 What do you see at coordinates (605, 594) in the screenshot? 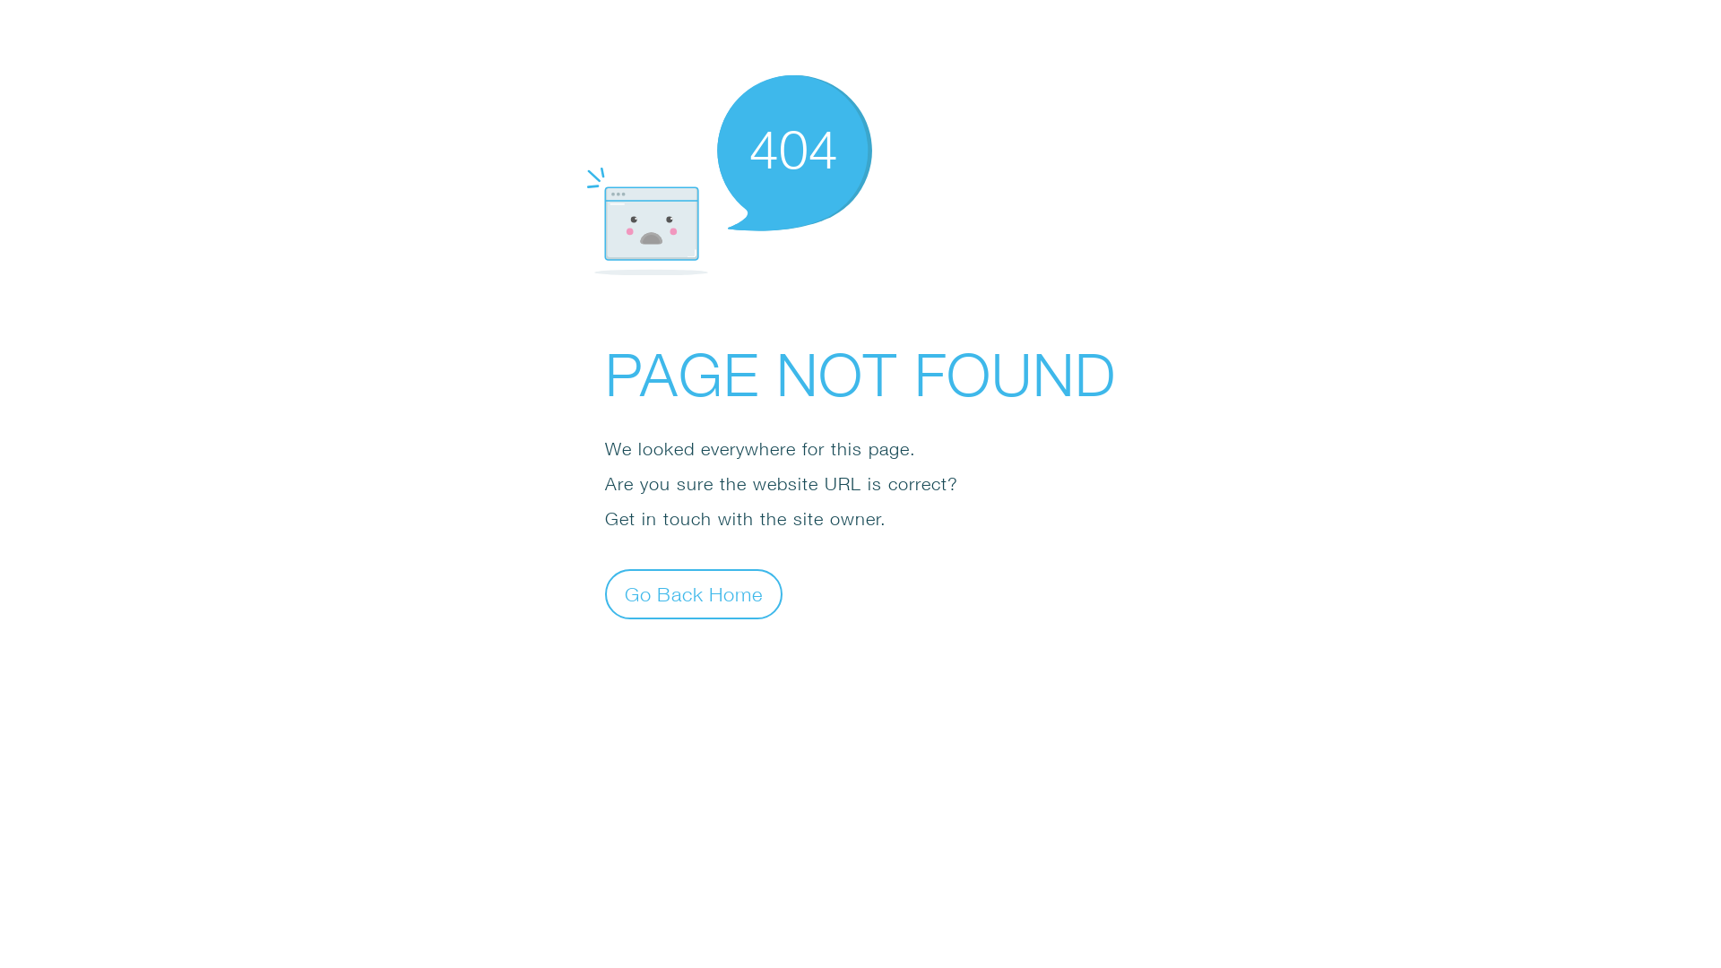
I see `'Go Back Home'` at bounding box center [605, 594].